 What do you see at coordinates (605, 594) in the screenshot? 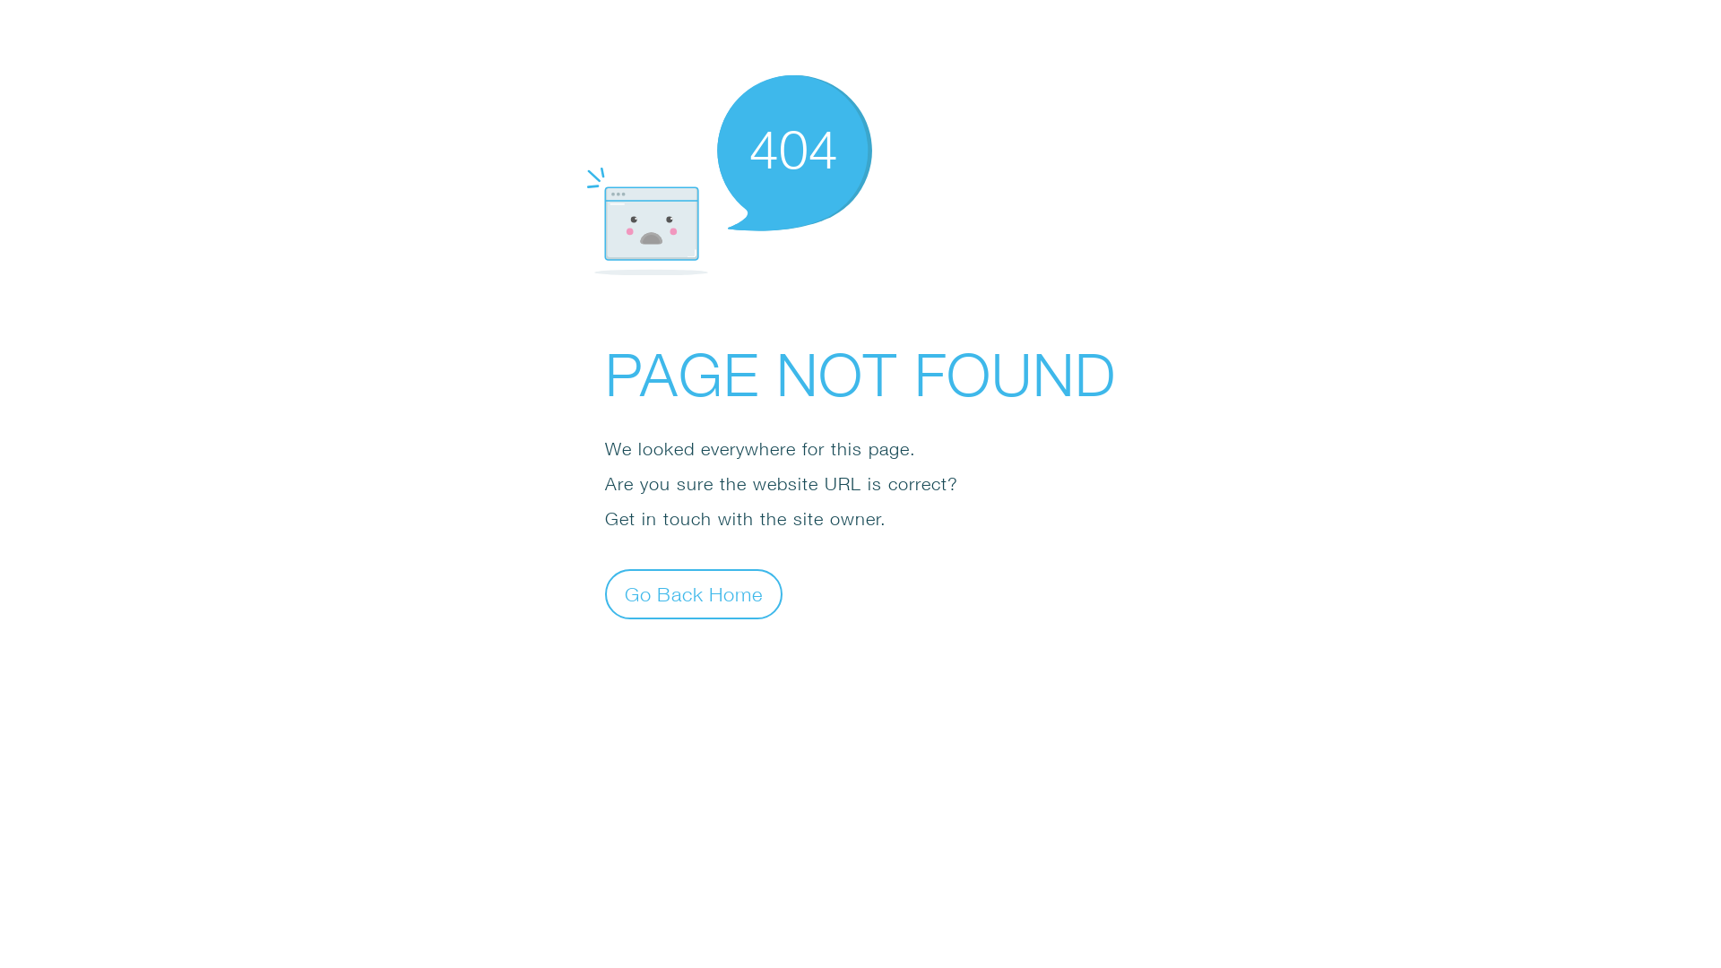
I see `'Go Back Home'` at bounding box center [605, 594].